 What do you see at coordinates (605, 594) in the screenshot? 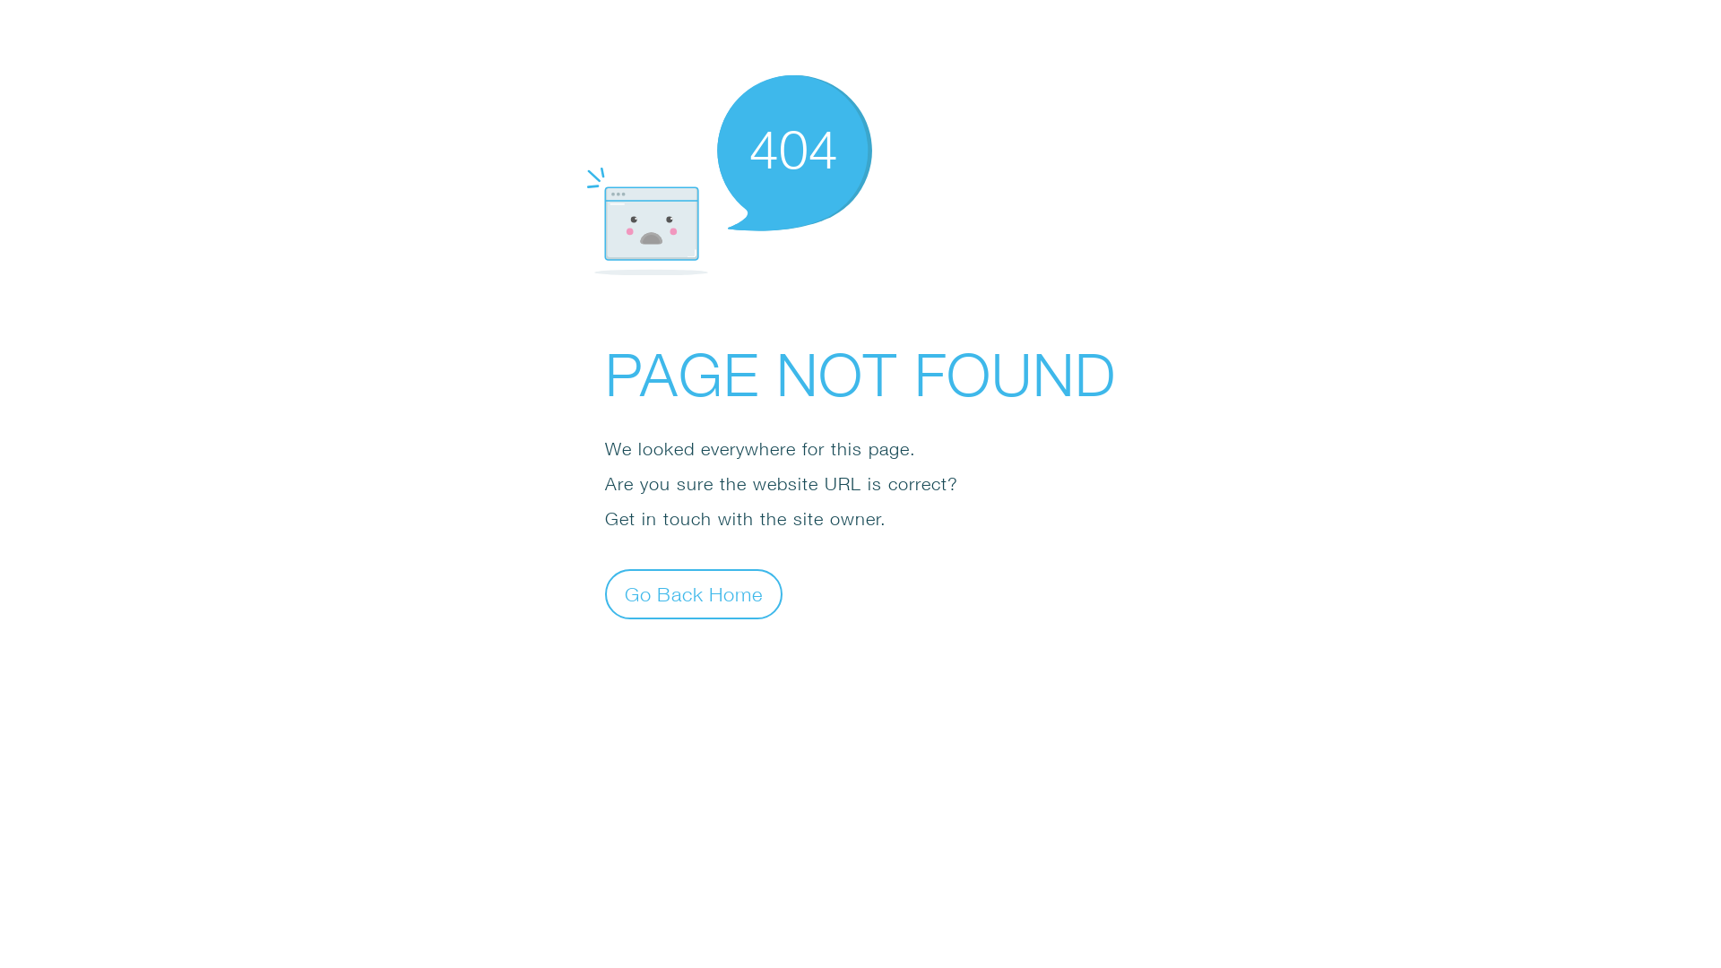
I see `'Go Back Home'` at bounding box center [605, 594].